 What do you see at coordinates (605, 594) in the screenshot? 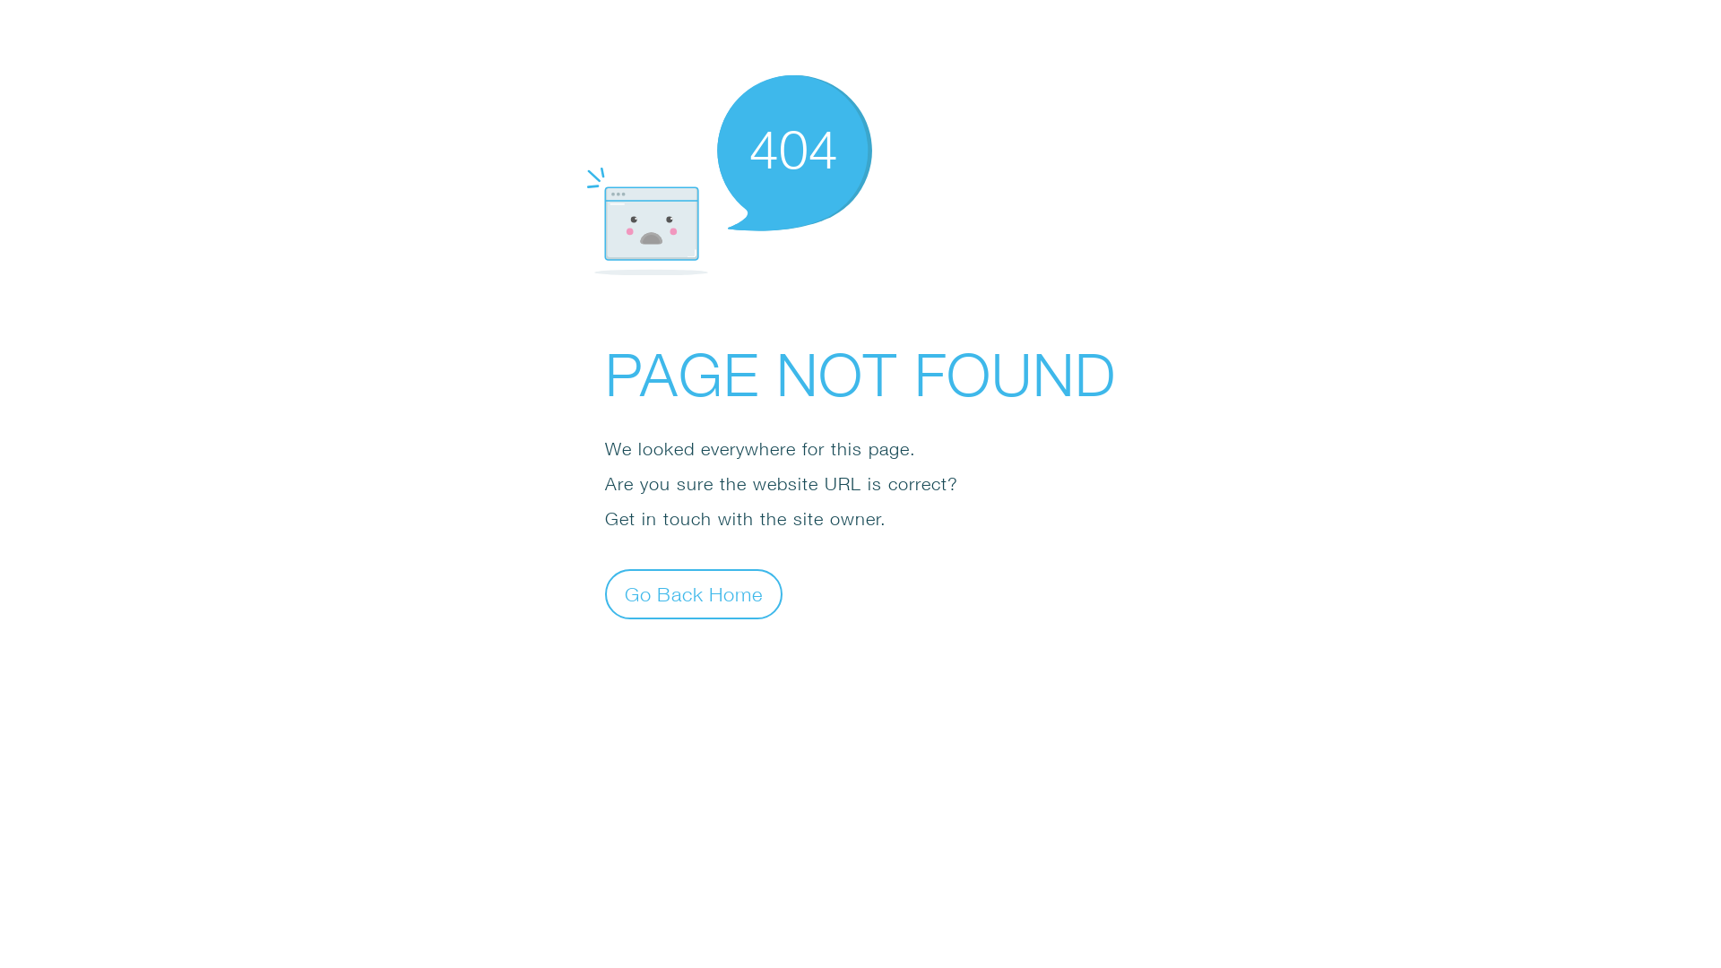
I see `'Go Back Home'` at bounding box center [605, 594].